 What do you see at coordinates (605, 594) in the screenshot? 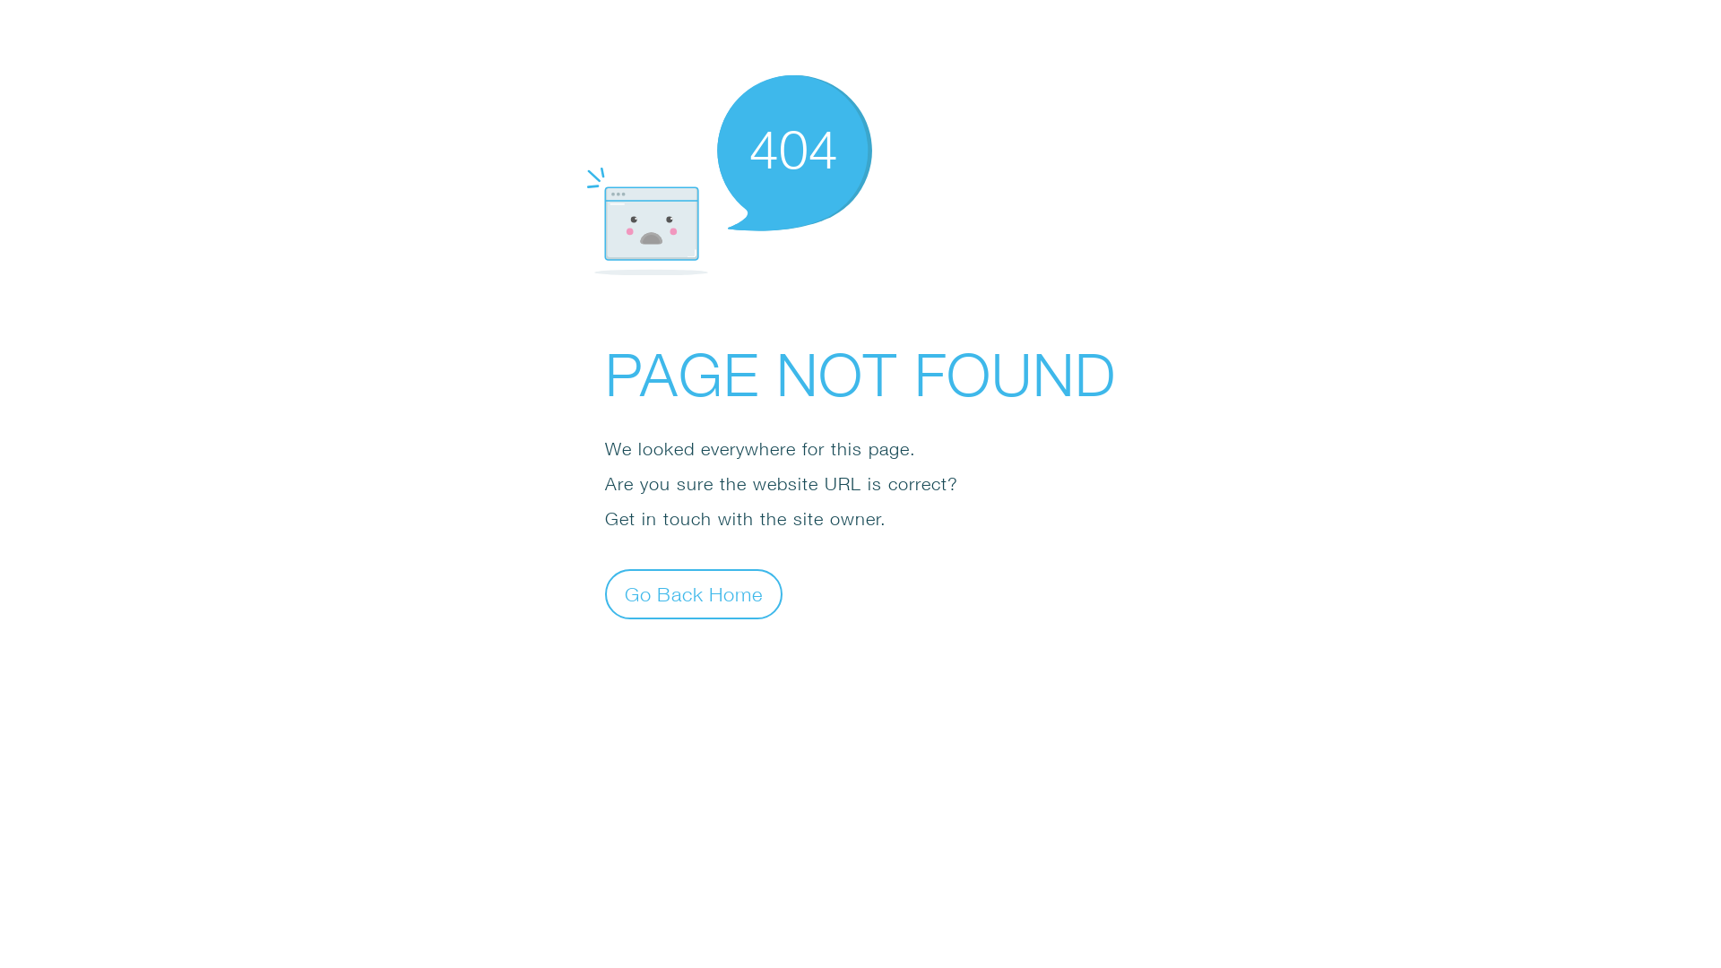
I see `'Go Back Home'` at bounding box center [605, 594].